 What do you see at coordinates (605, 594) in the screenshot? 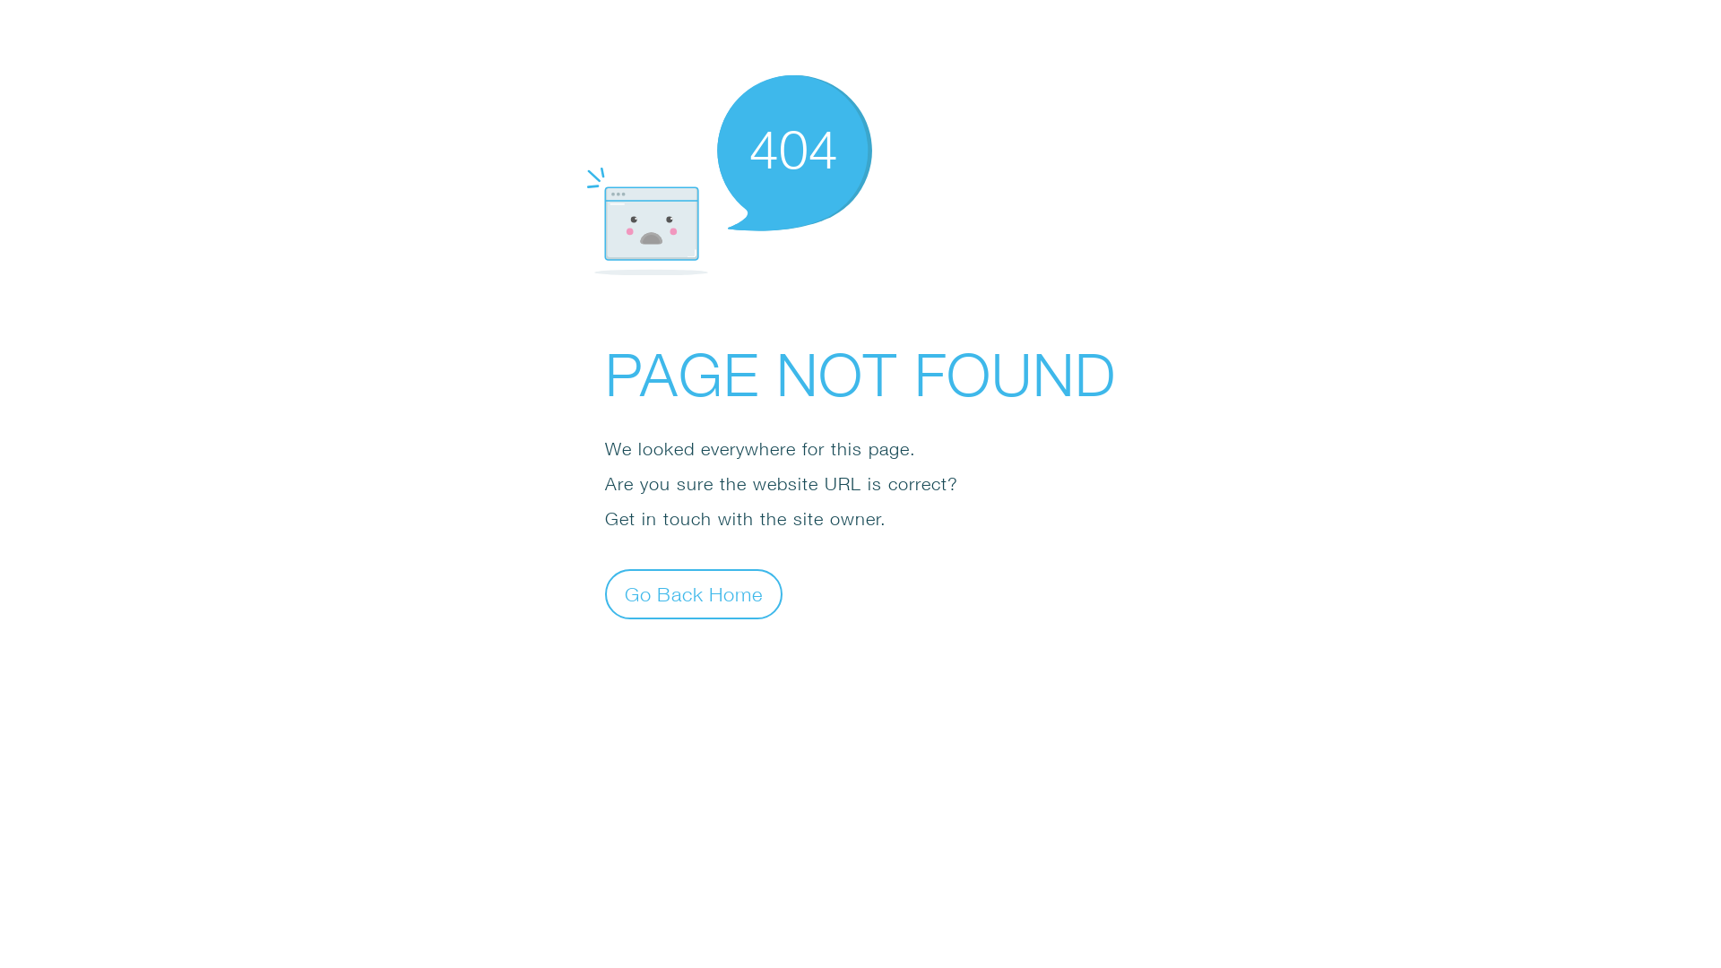
I see `'Go Back Home'` at bounding box center [605, 594].